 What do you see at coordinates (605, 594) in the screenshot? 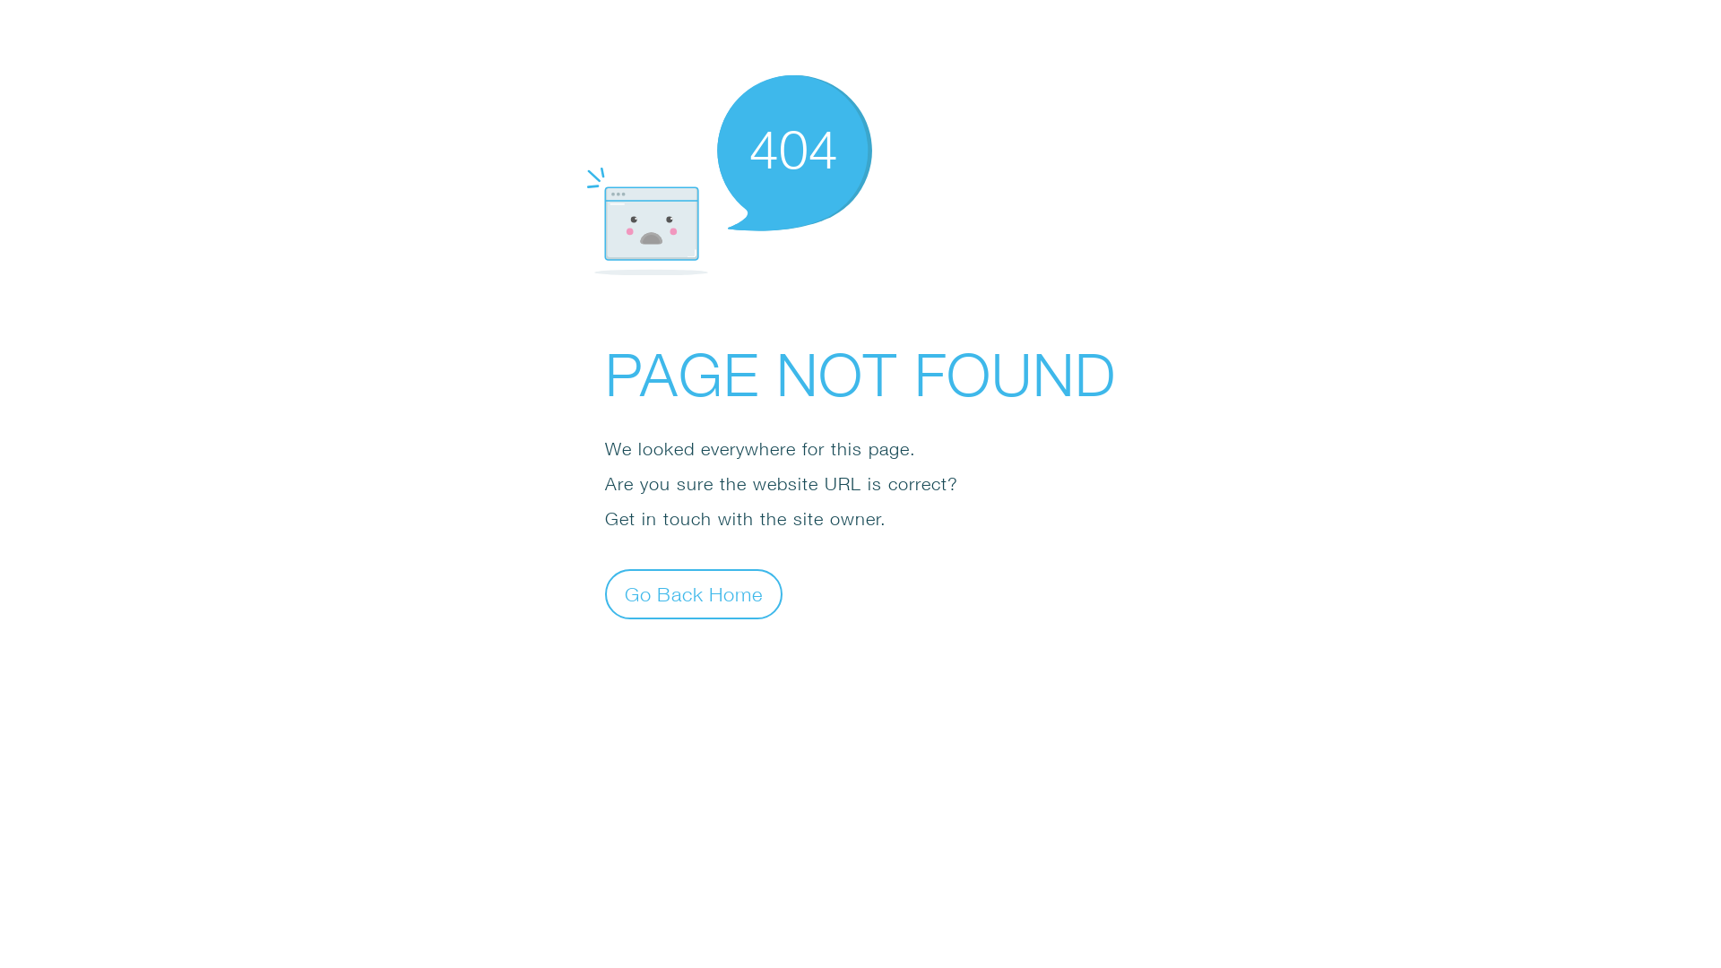
I see `'Go Back Home'` at bounding box center [605, 594].